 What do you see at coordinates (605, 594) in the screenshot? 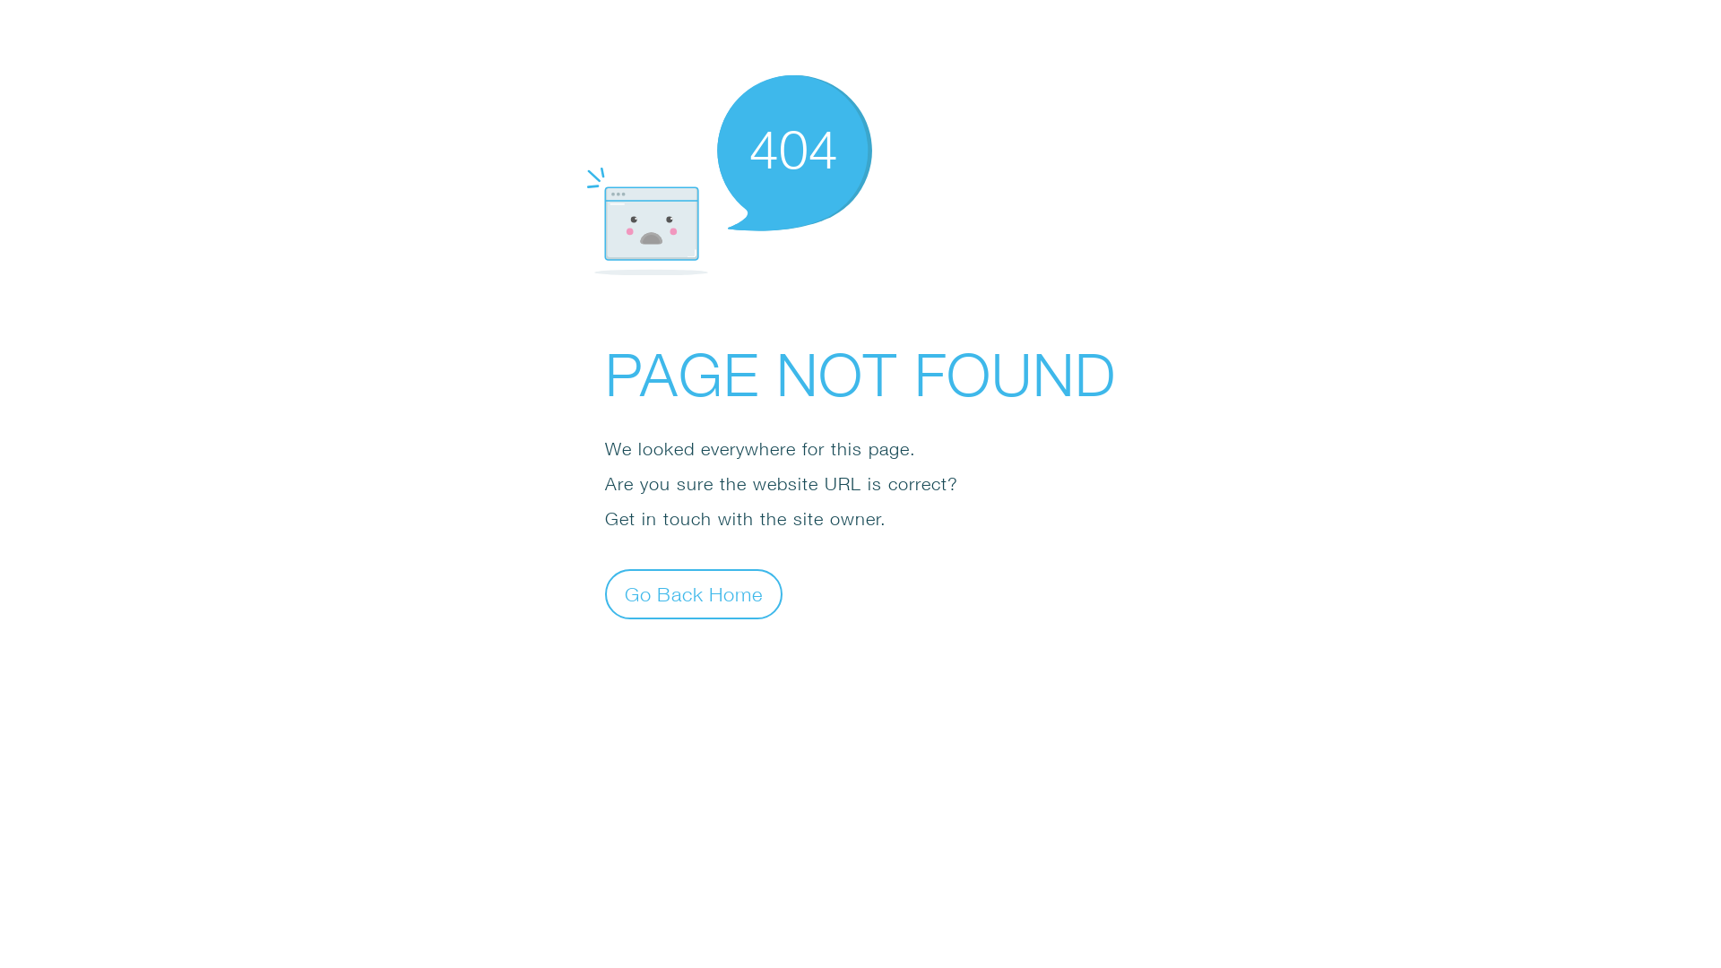
I see `'Go Back Home'` at bounding box center [605, 594].